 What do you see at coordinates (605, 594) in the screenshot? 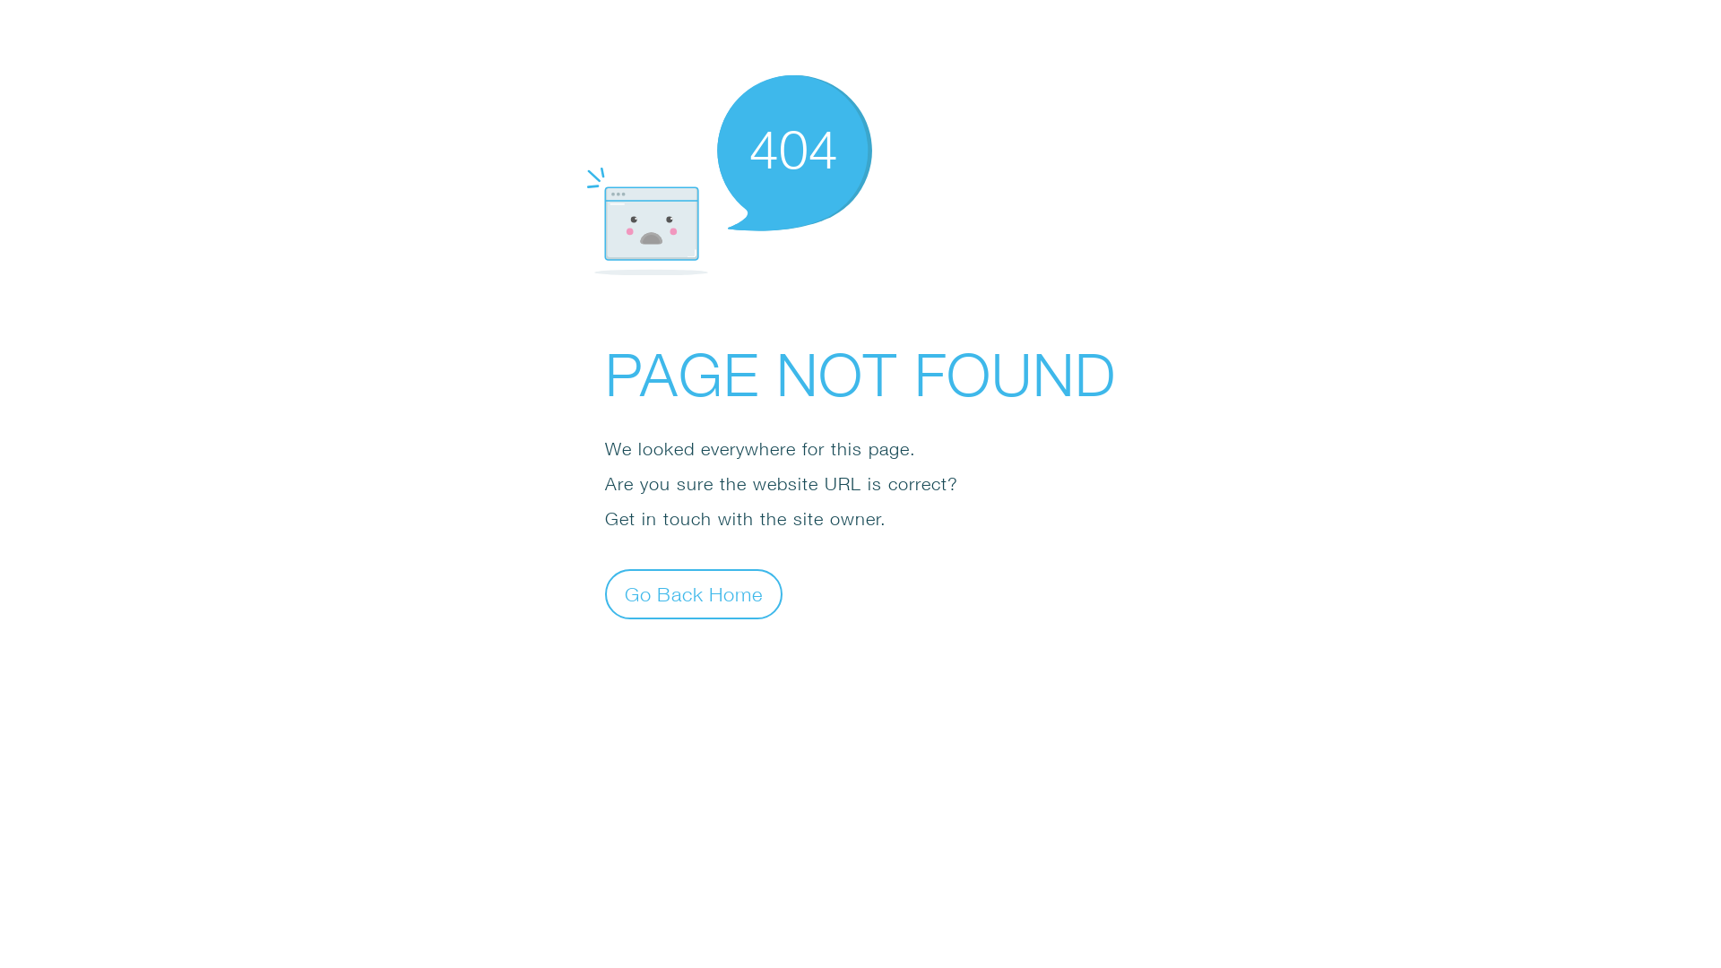
I see `'Go Back Home'` at bounding box center [605, 594].